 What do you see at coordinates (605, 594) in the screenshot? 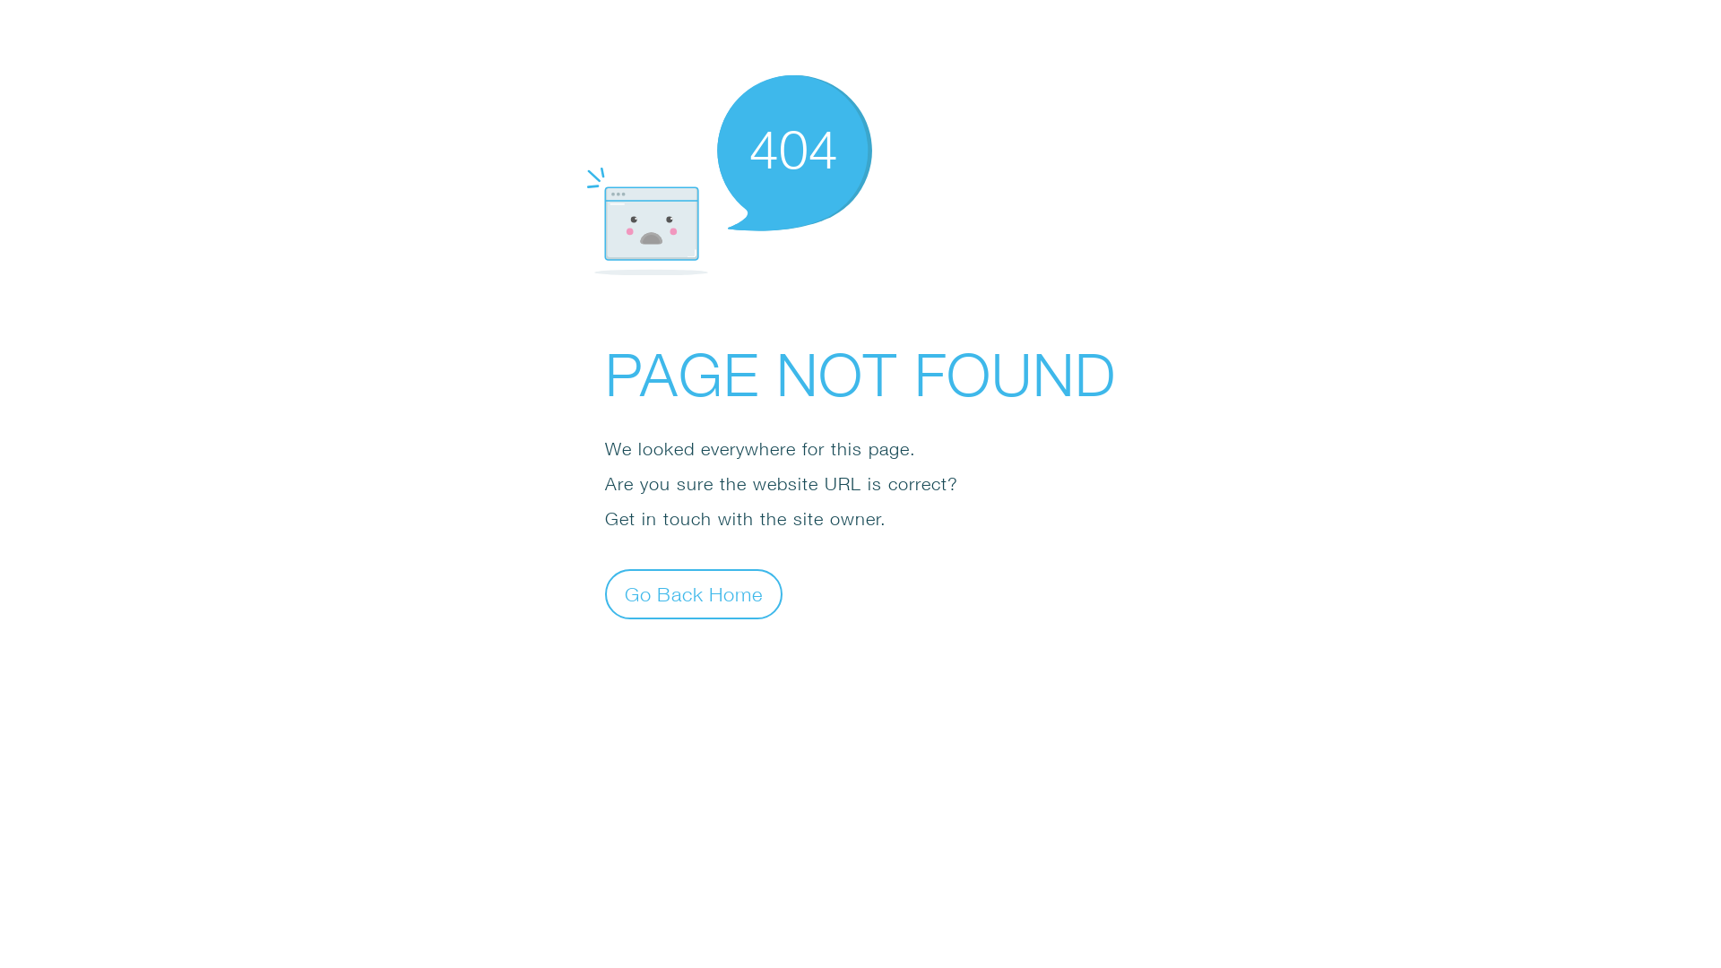
I see `'Go Back Home'` at bounding box center [605, 594].